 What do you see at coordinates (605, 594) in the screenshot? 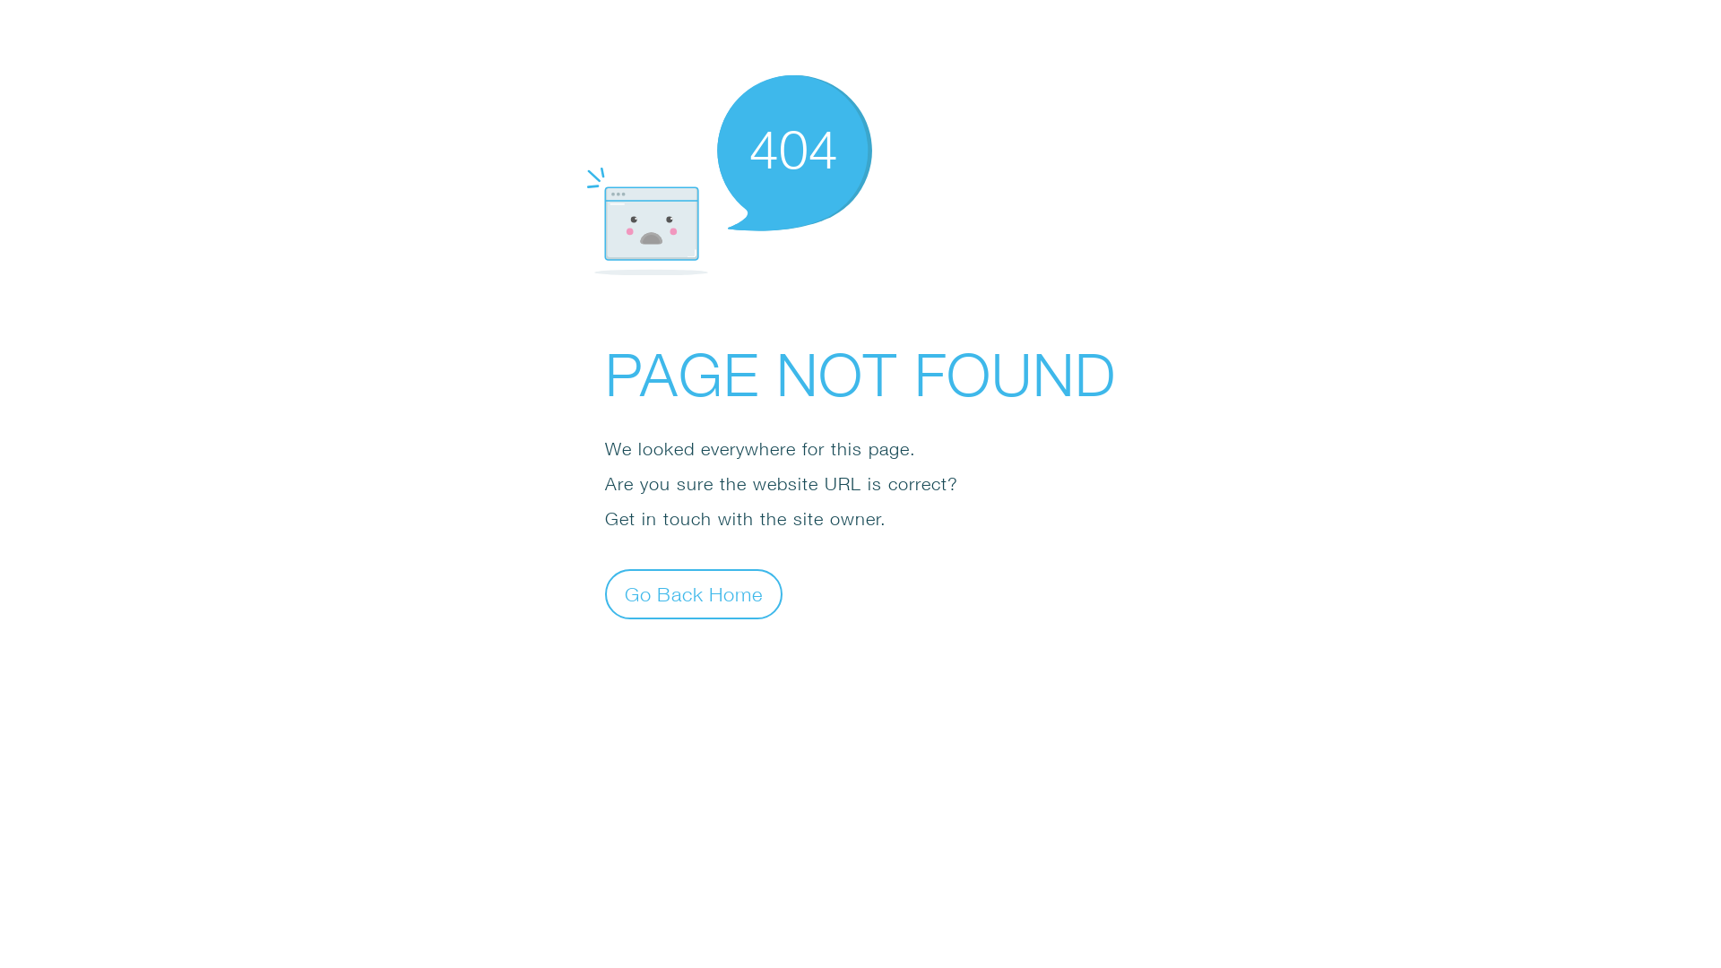
I see `'Go Back Home'` at bounding box center [605, 594].